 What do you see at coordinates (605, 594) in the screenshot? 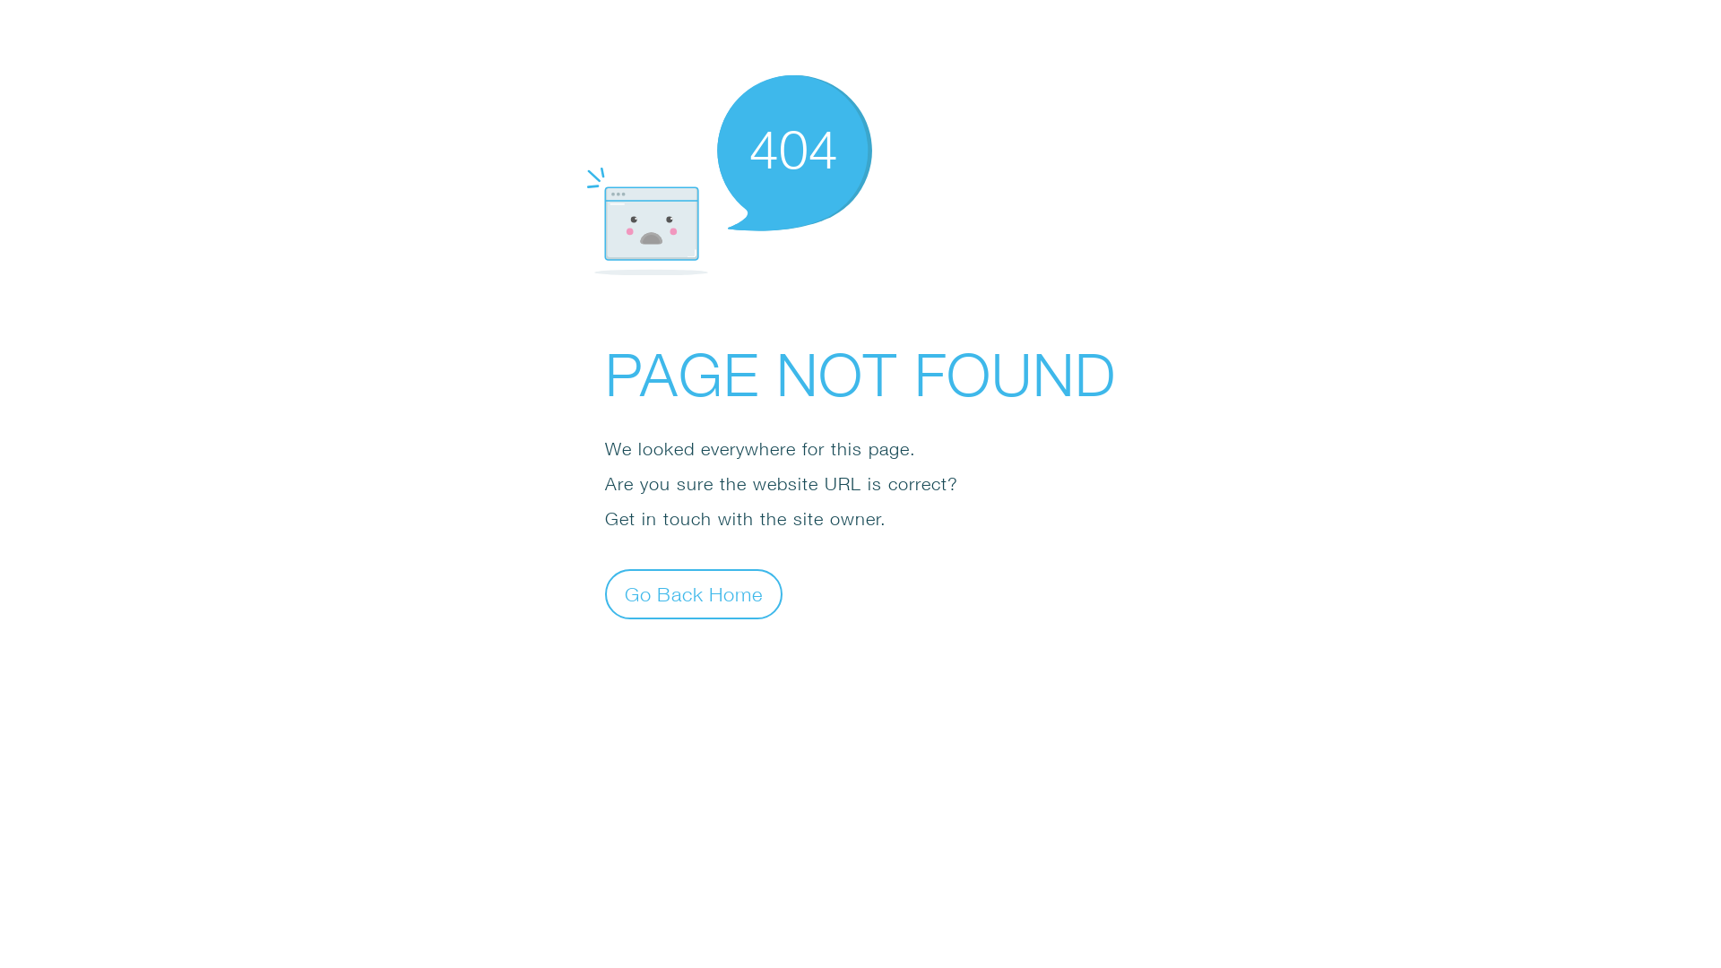
I see `'Go Back Home'` at bounding box center [605, 594].